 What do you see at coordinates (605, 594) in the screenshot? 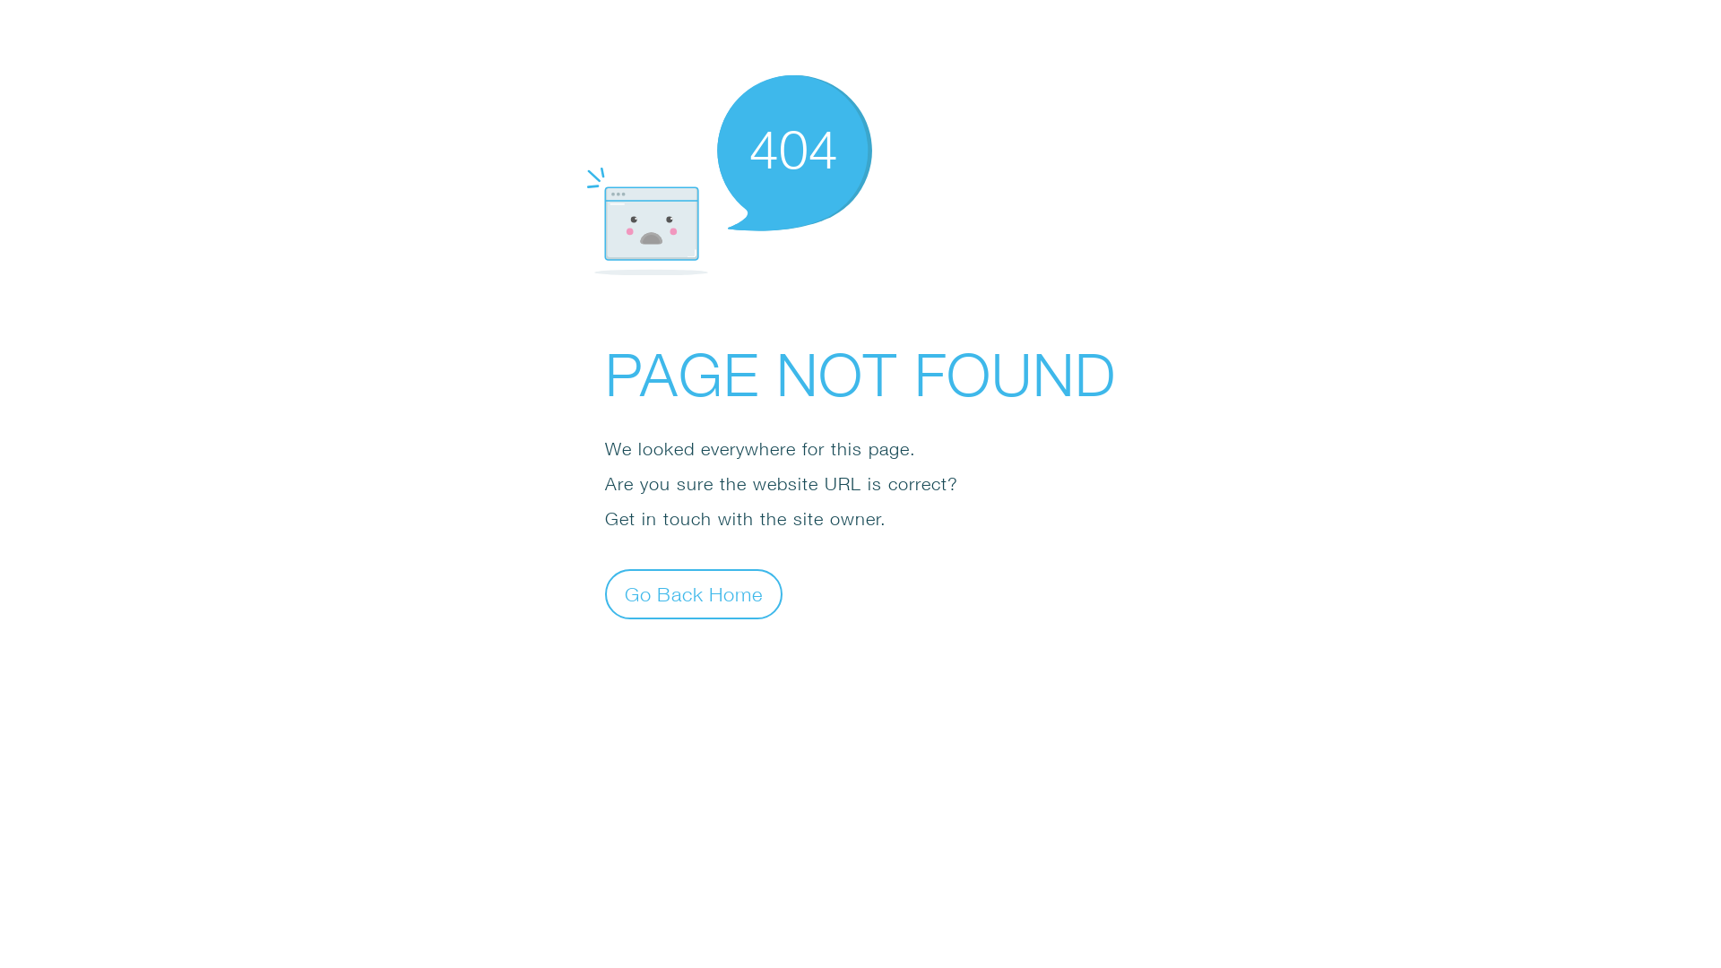
I see `'Go Back Home'` at bounding box center [605, 594].